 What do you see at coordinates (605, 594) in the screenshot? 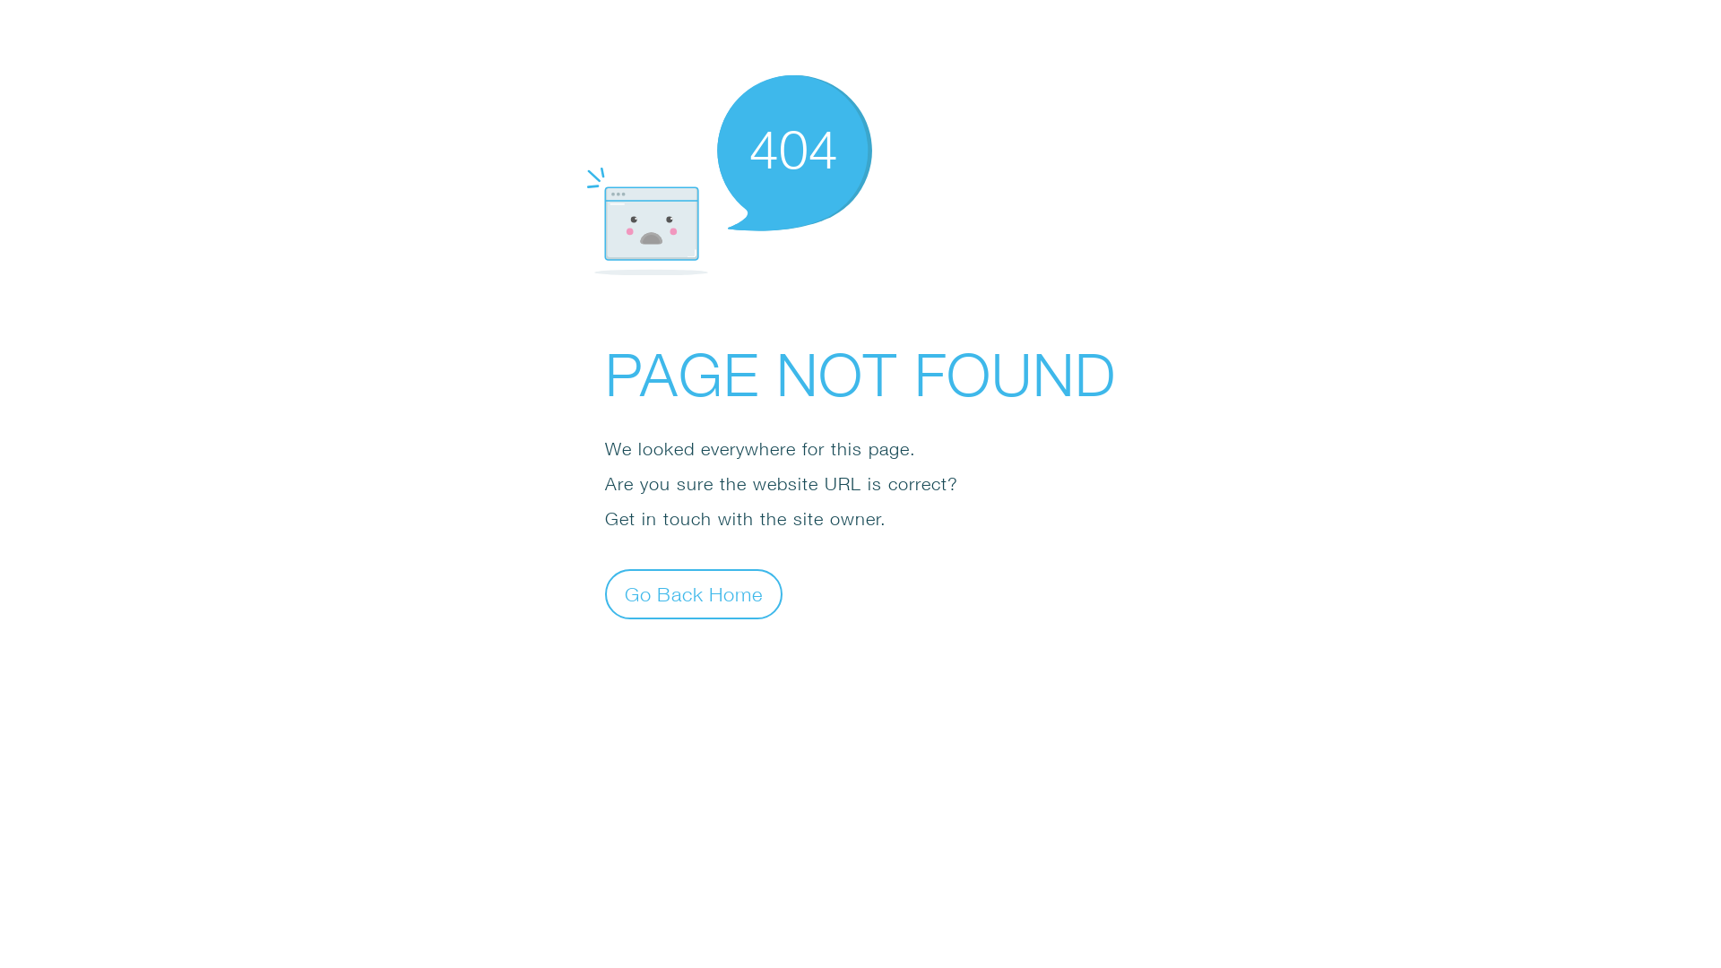
I see `'Go Back Home'` at bounding box center [605, 594].